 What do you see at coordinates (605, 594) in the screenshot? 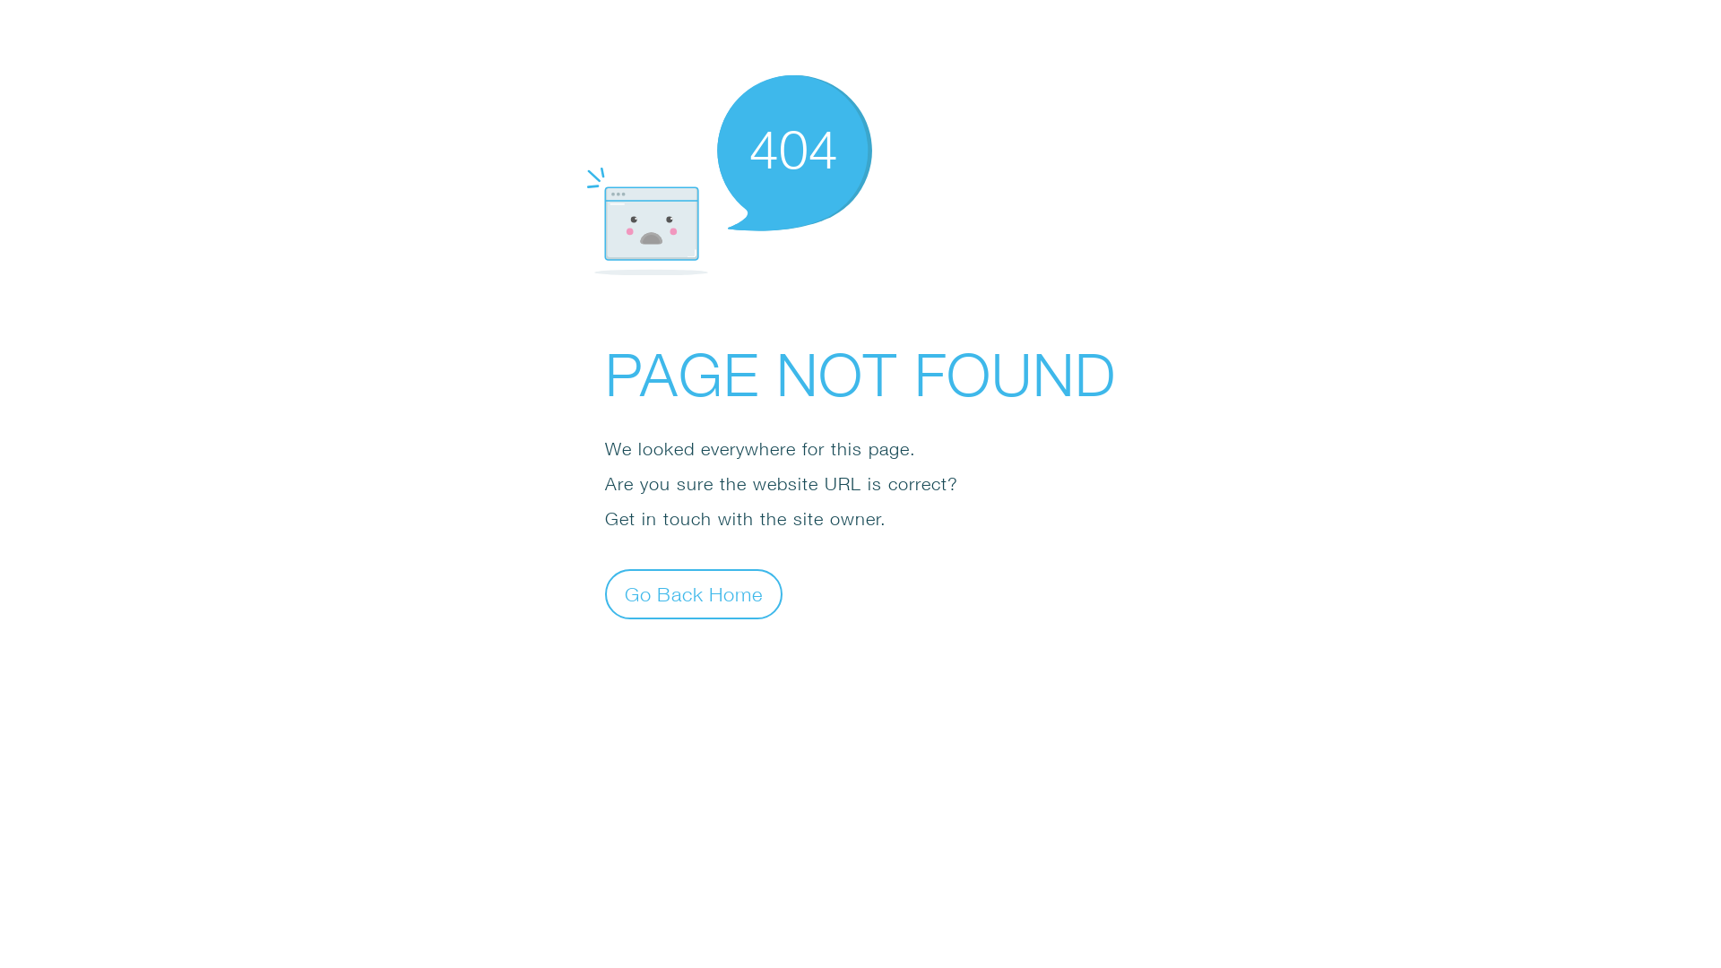
I see `'Go Back Home'` at bounding box center [605, 594].